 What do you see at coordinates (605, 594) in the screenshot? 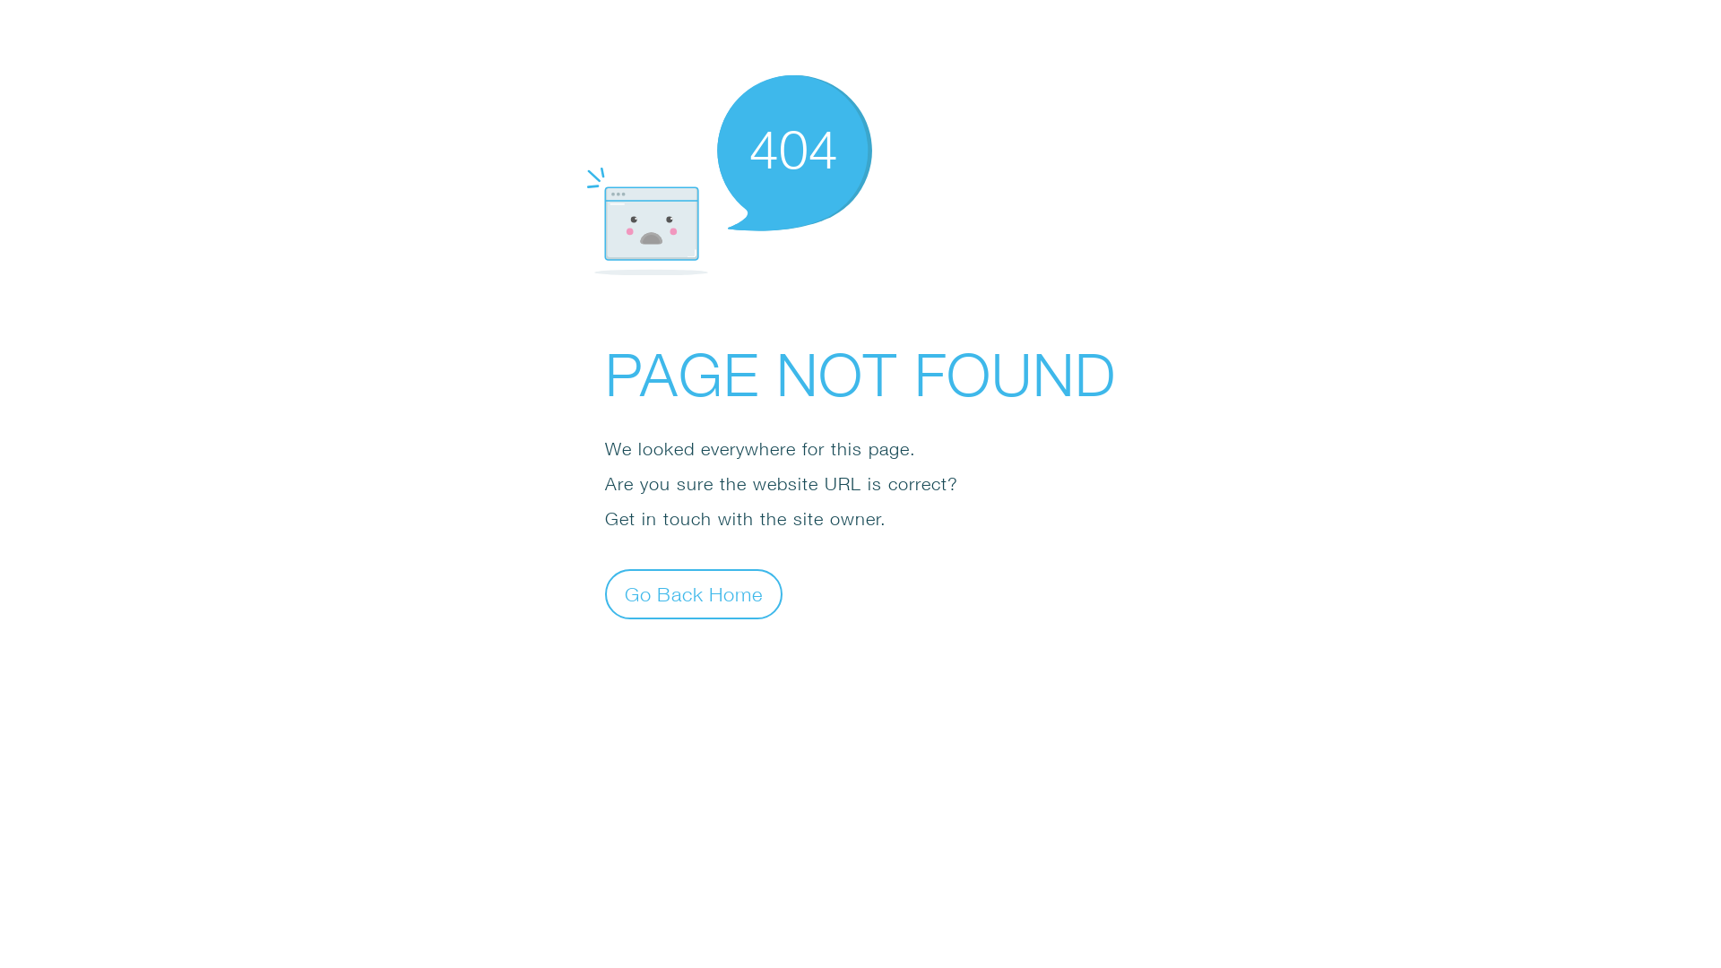
I see `'Go Back Home'` at bounding box center [605, 594].